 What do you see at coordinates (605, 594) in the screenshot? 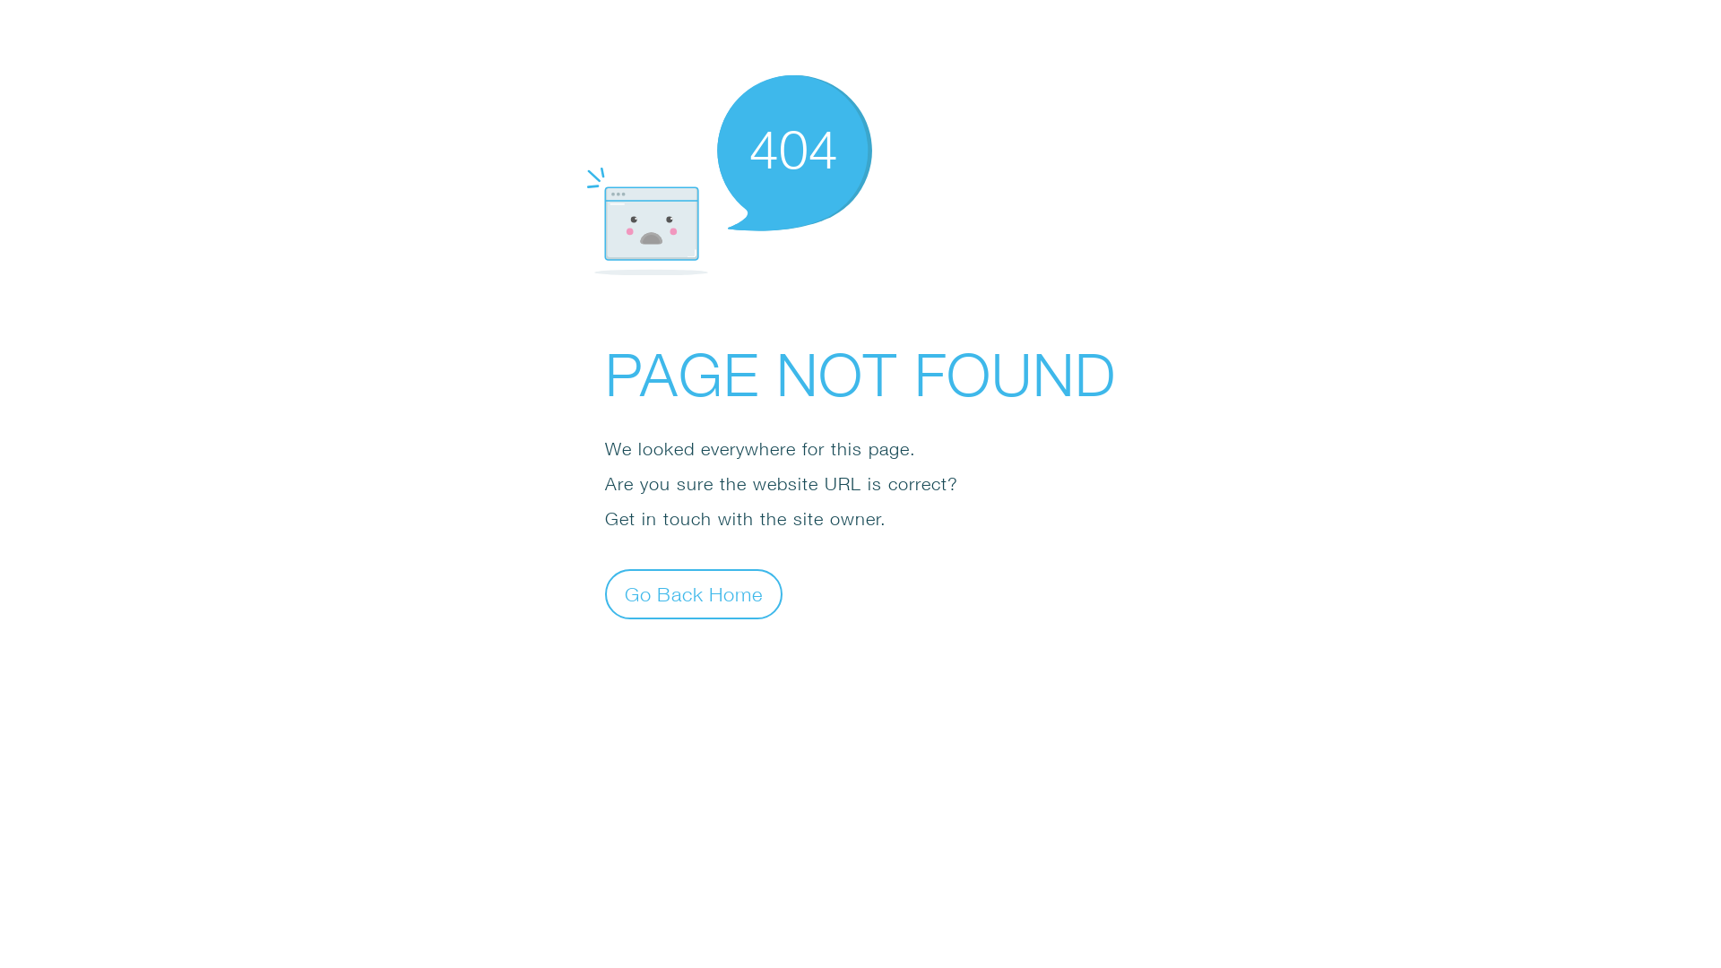
I see `'Go Back Home'` at bounding box center [605, 594].